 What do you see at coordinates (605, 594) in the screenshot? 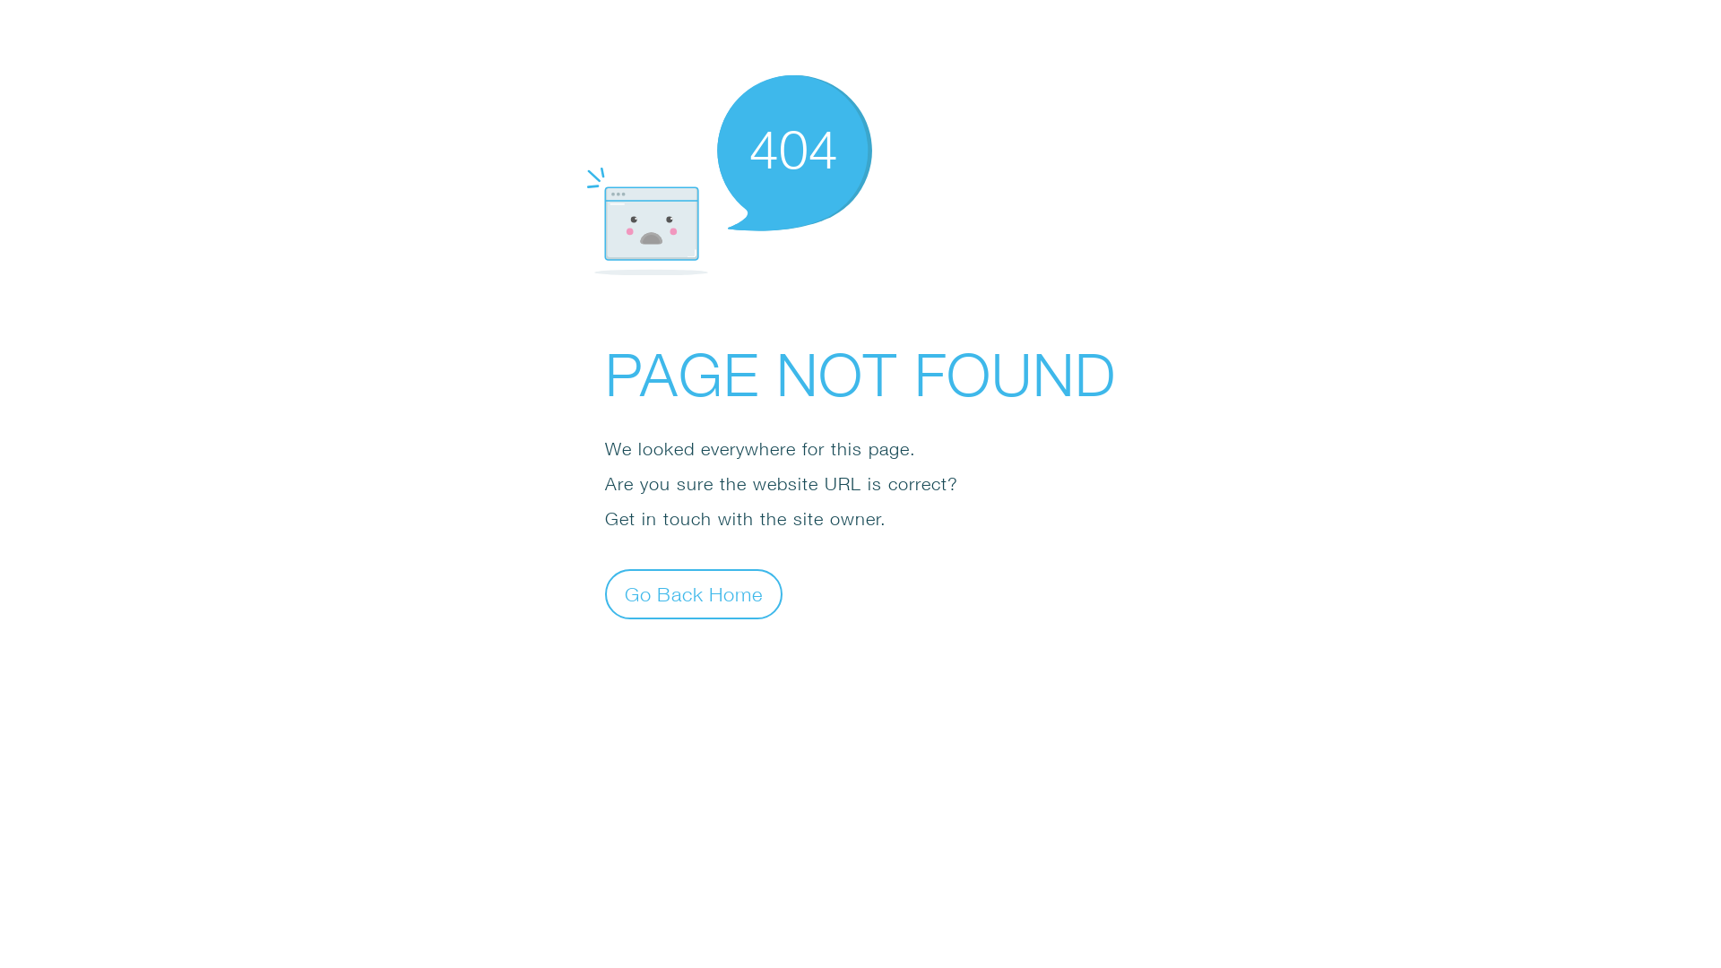
I see `'Go Back Home'` at bounding box center [605, 594].